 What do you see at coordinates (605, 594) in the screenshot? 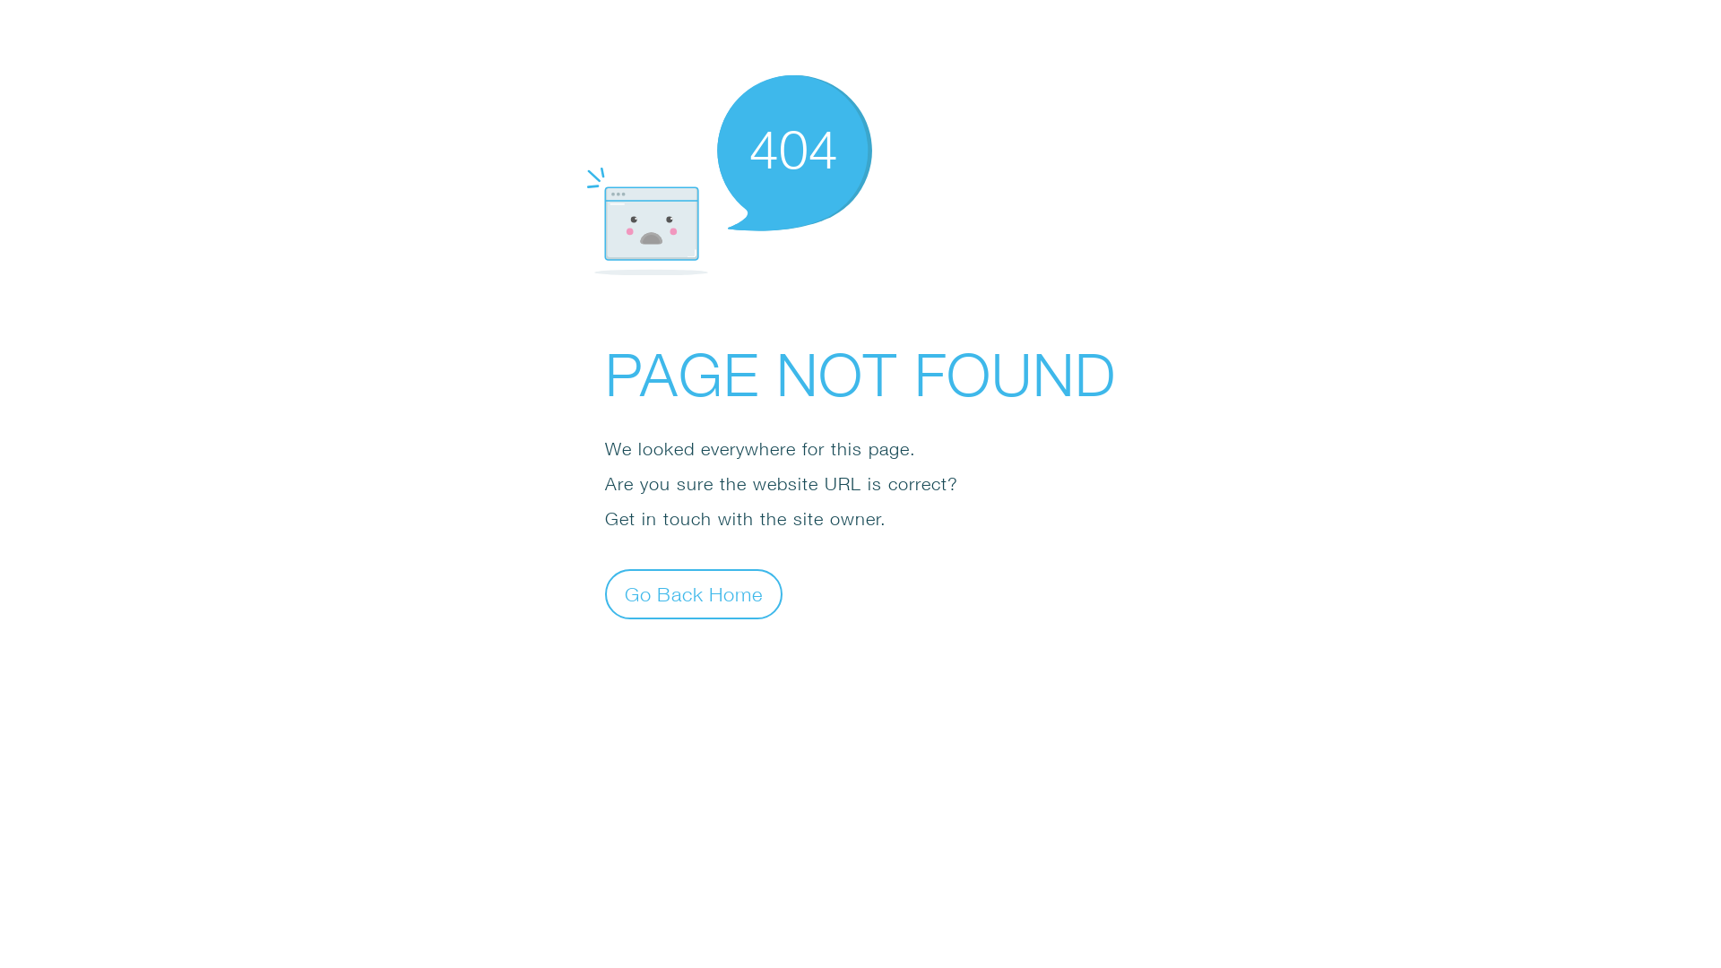
I see `'Go Back Home'` at bounding box center [605, 594].